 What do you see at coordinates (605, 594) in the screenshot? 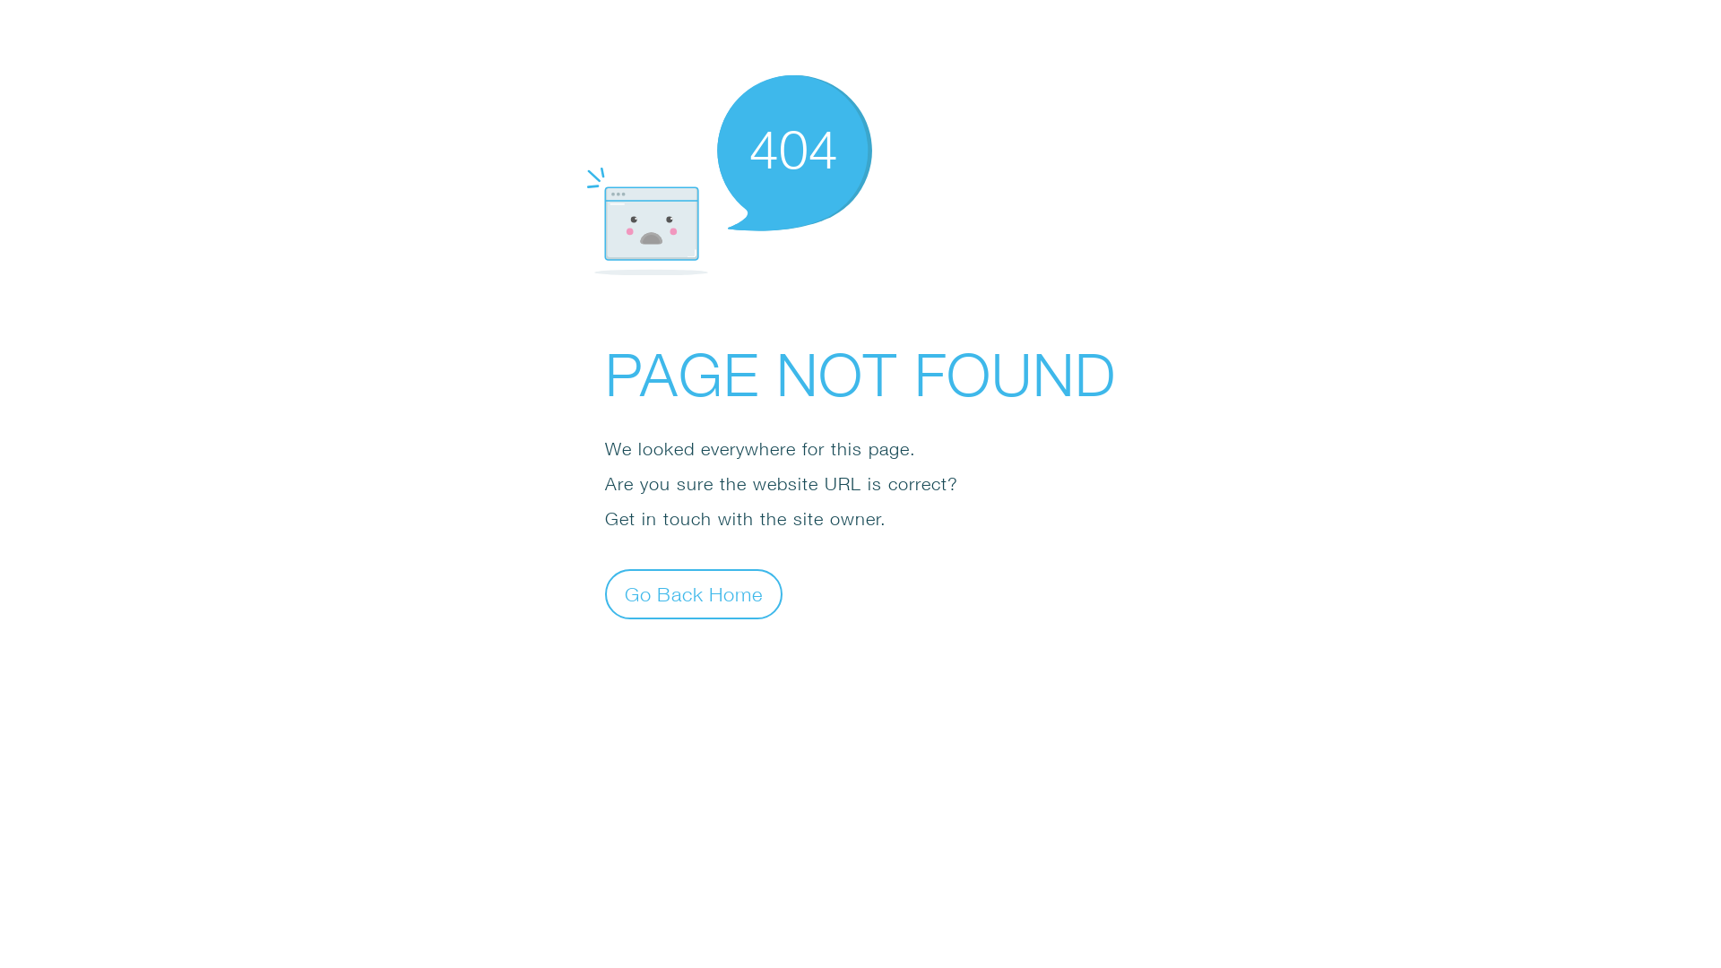
I see `'Go Back Home'` at bounding box center [605, 594].